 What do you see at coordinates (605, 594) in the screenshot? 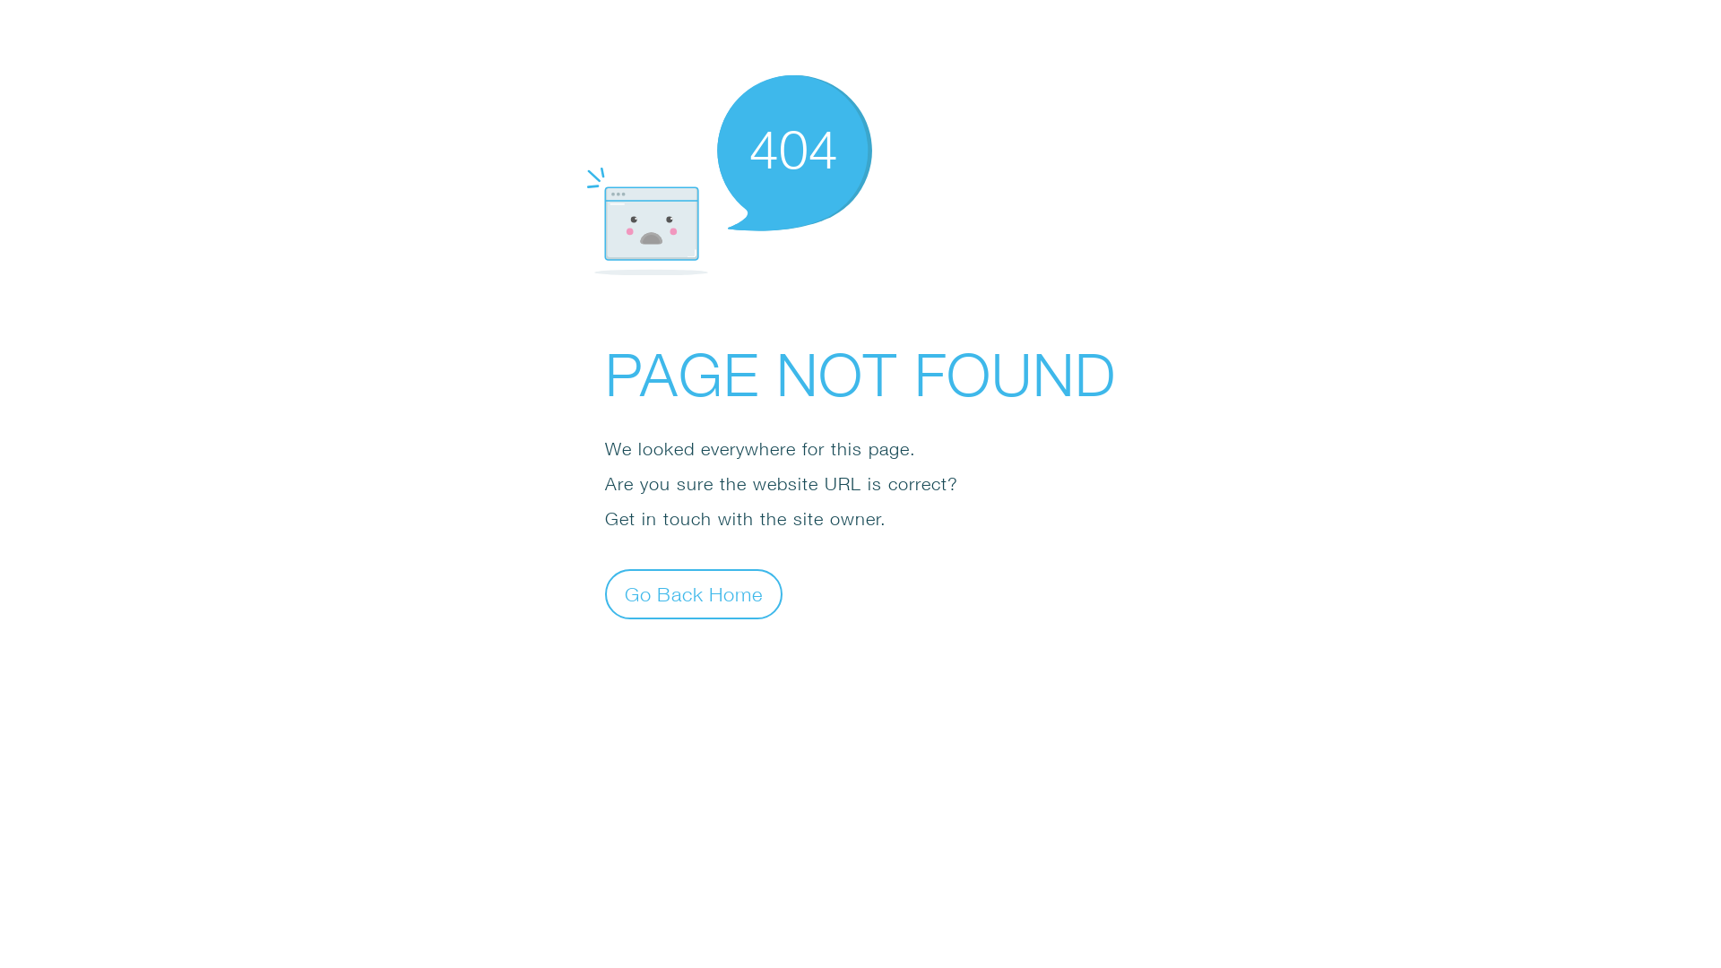
I see `'Go Back Home'` at bounding box center [605, 594].